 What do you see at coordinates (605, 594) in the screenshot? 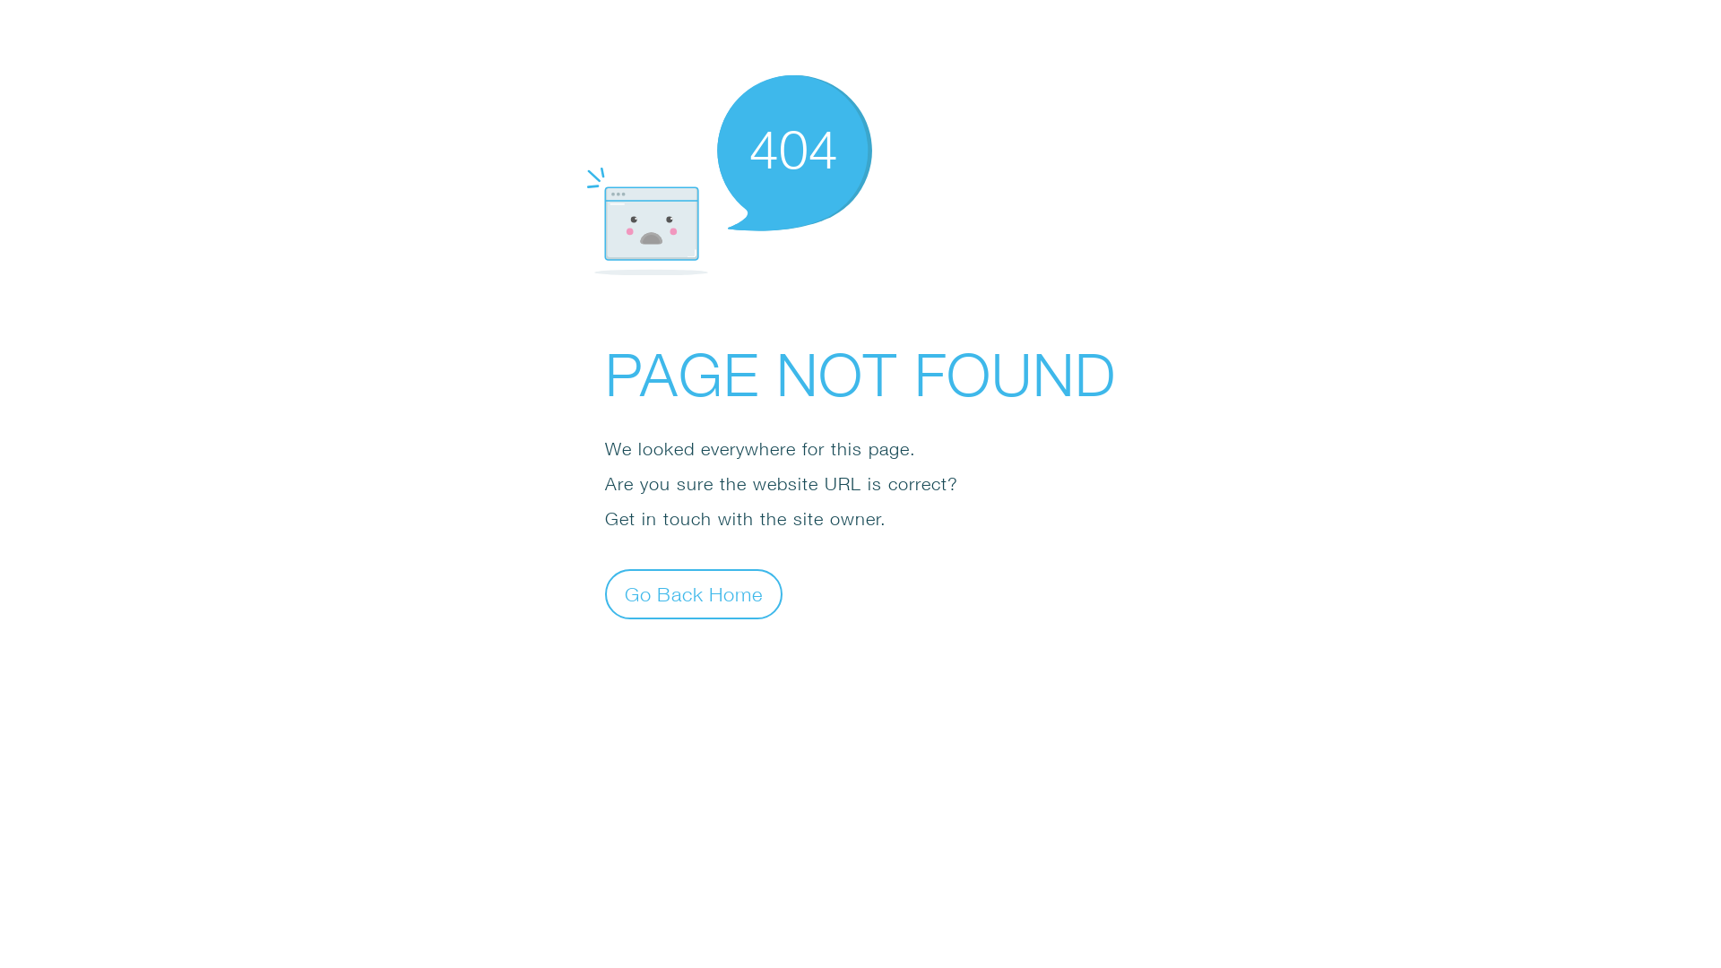
I see `'Go Back Home'` at bounding box center [605, 594].